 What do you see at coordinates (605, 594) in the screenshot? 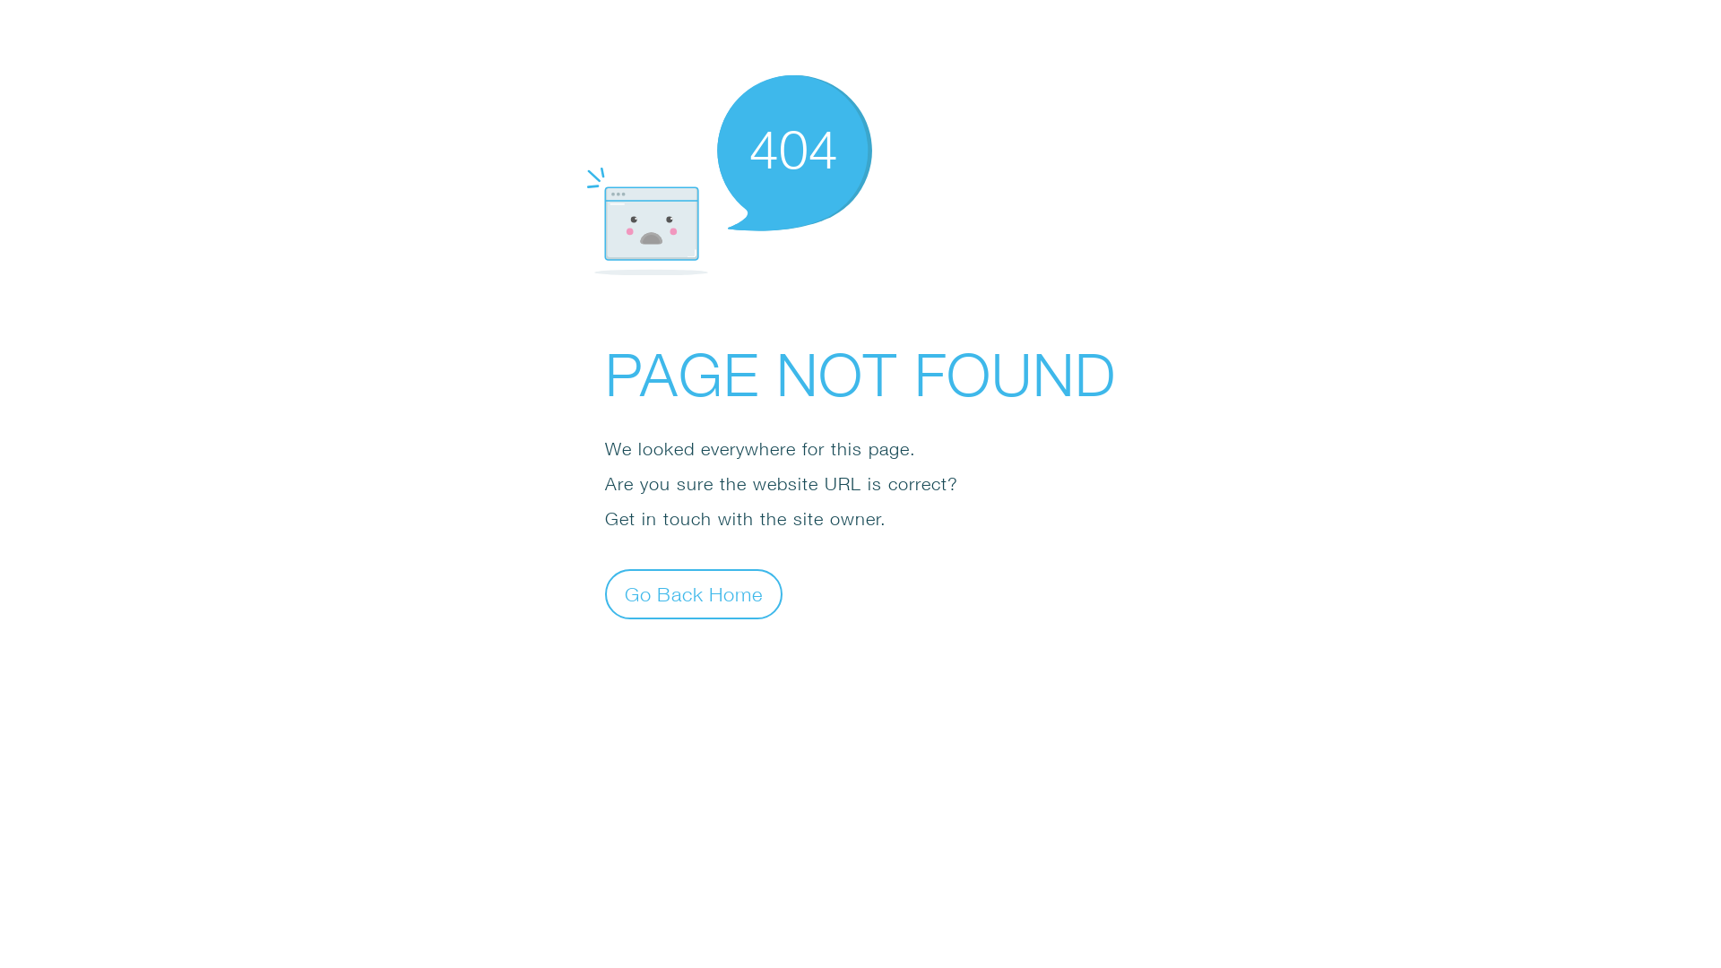
I see `'Go Back Home'` at bounding box center [605, 594].